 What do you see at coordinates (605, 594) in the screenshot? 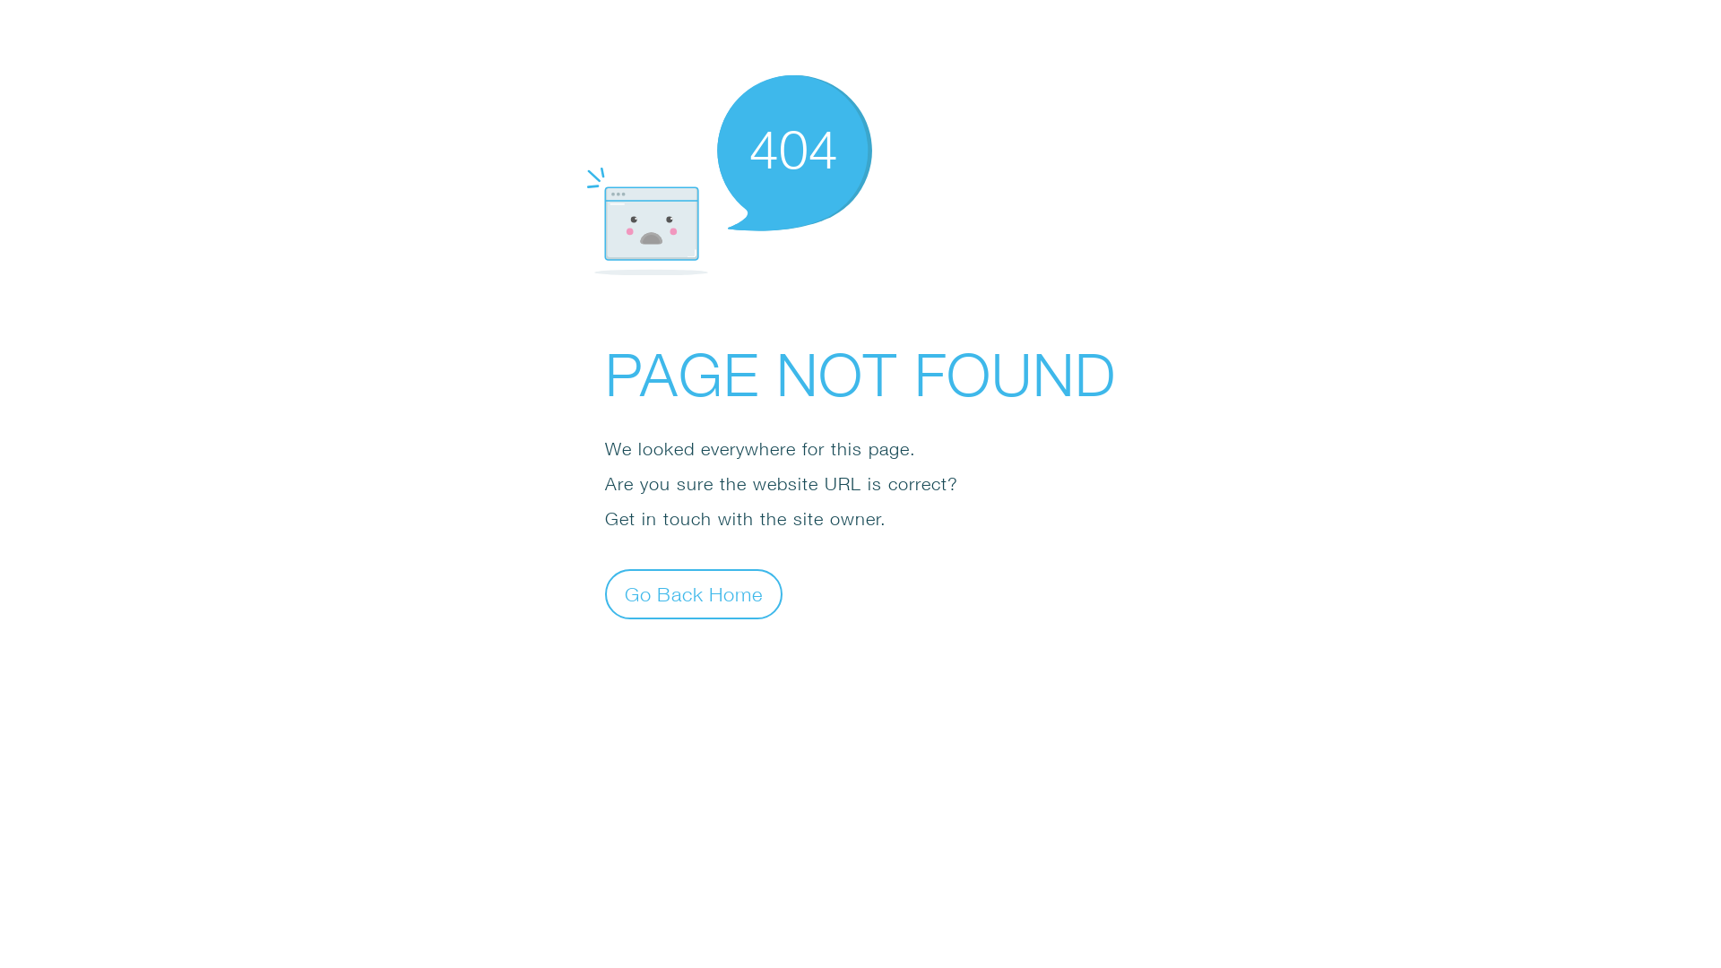
I see `'Go Back Home'` at bounding box center [605, 594].